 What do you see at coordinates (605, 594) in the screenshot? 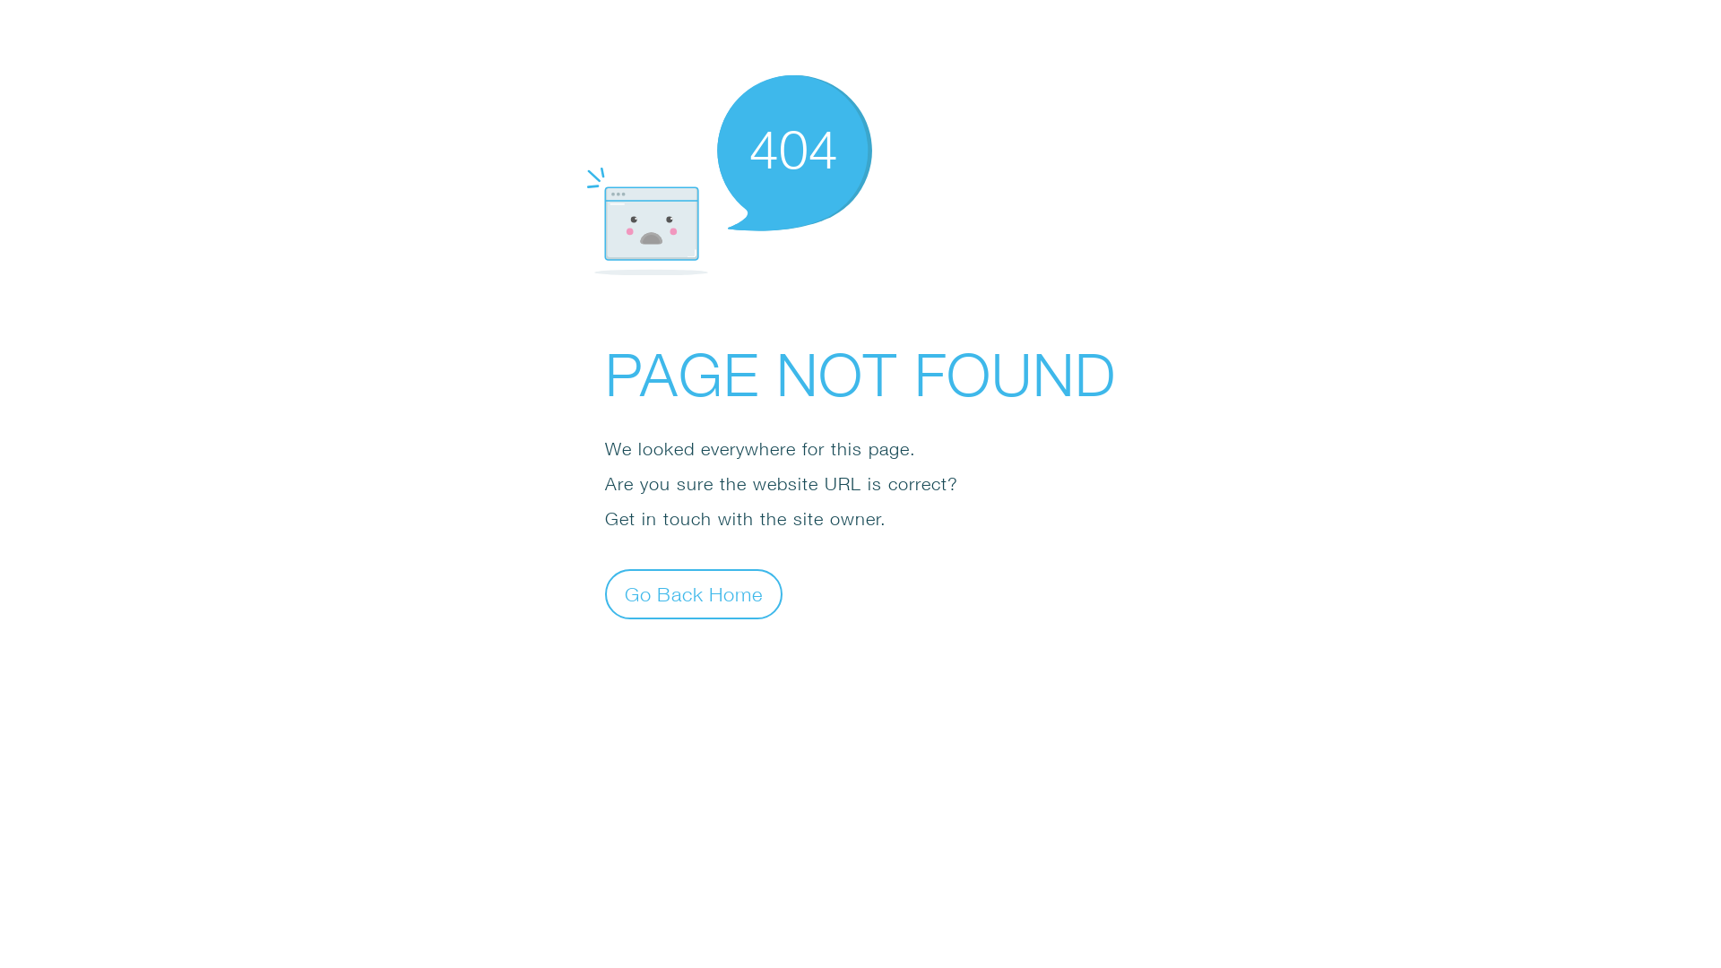
I see `'Go Back Home'` at bounding box center [605, 594].